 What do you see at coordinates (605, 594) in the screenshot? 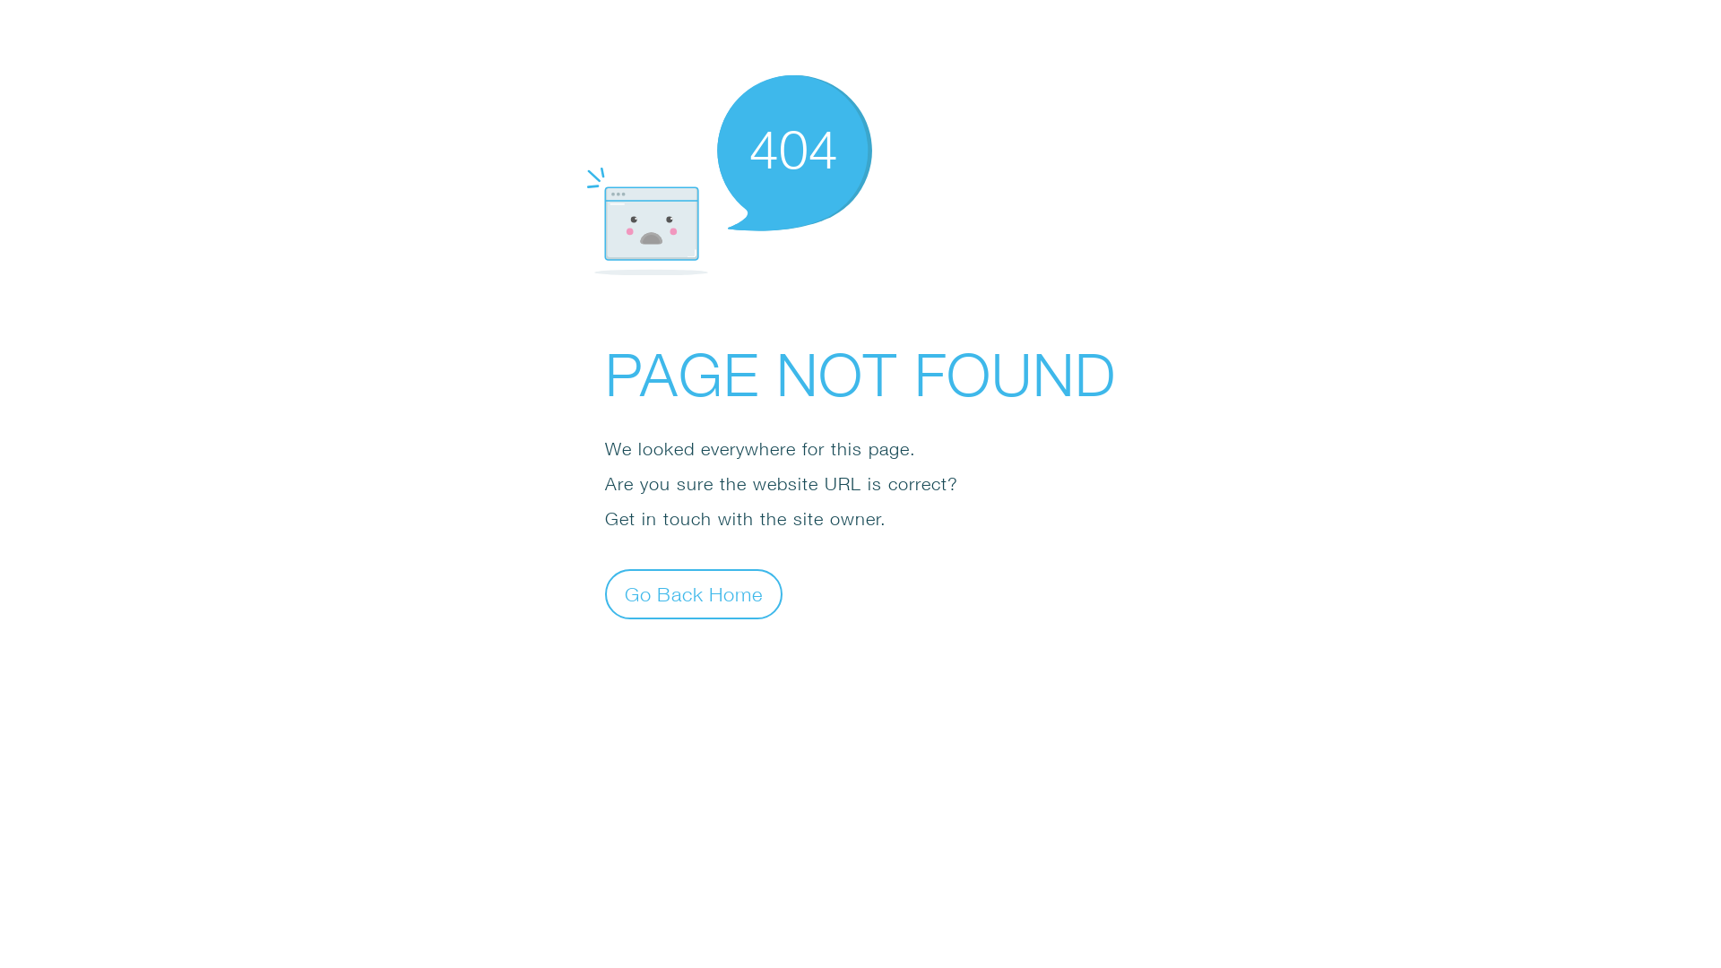
I see `'Go Back Home'` at bounding box center [605, 594].